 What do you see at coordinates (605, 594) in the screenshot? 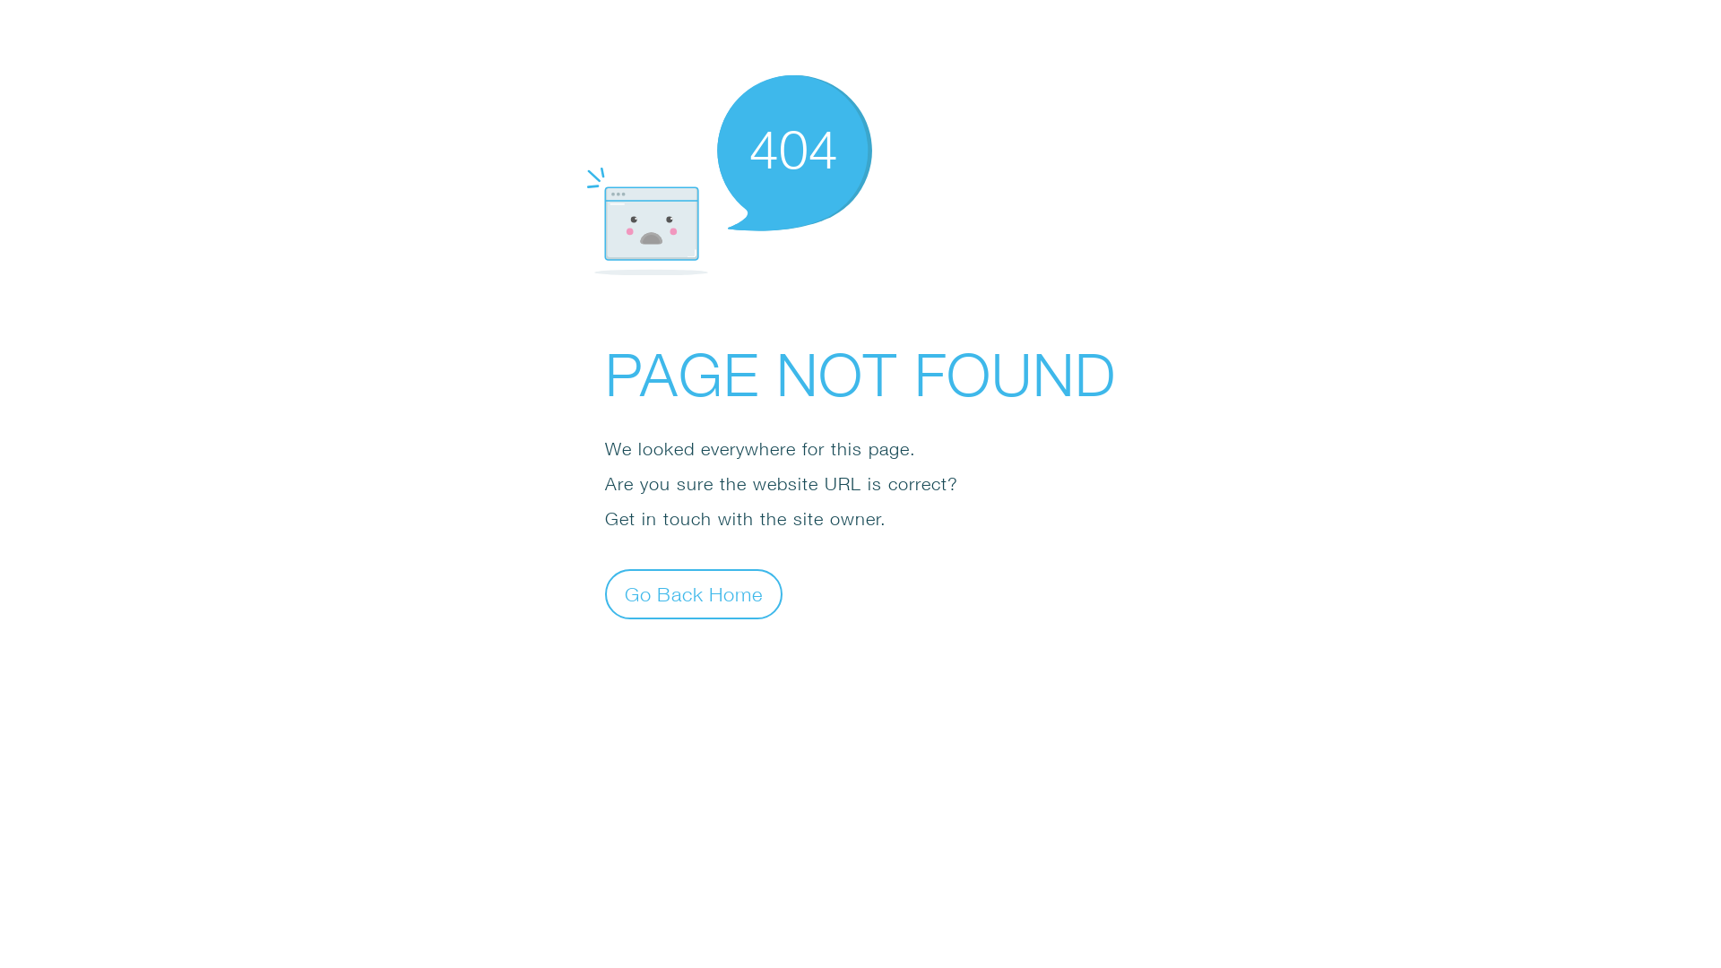
I see `'Go Back Home'` at bounding box center [605, 594].